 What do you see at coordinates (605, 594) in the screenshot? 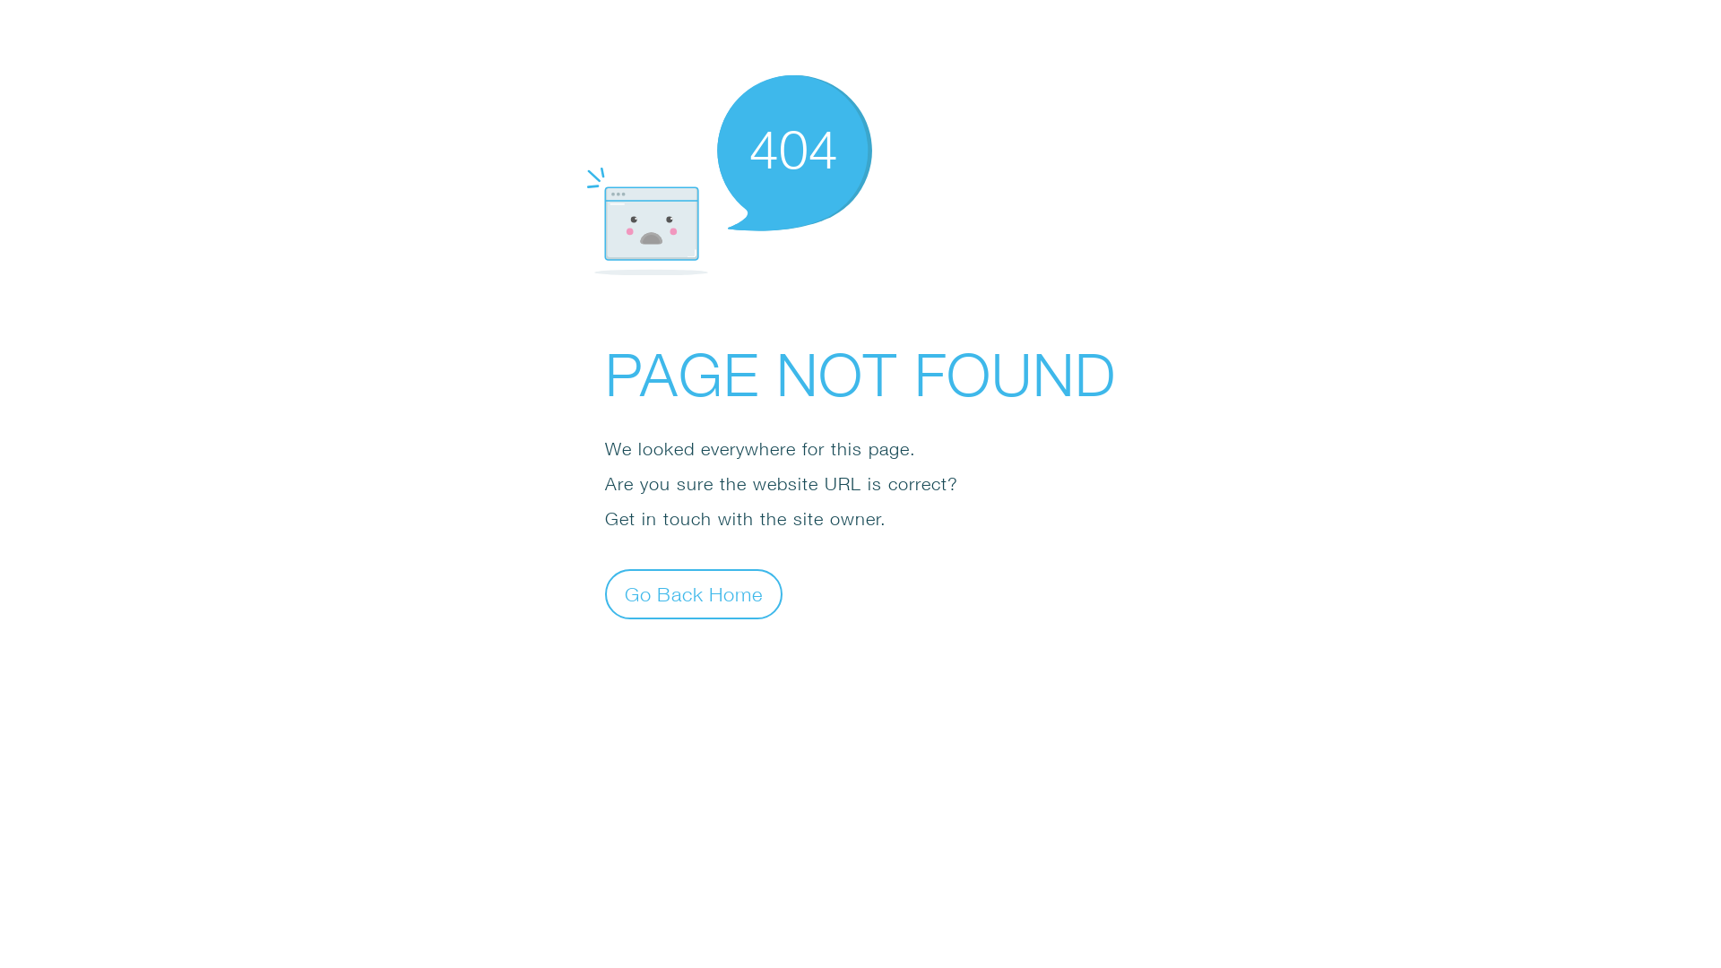
I see `'Go Back Home'` at bounding box center [605, 594].